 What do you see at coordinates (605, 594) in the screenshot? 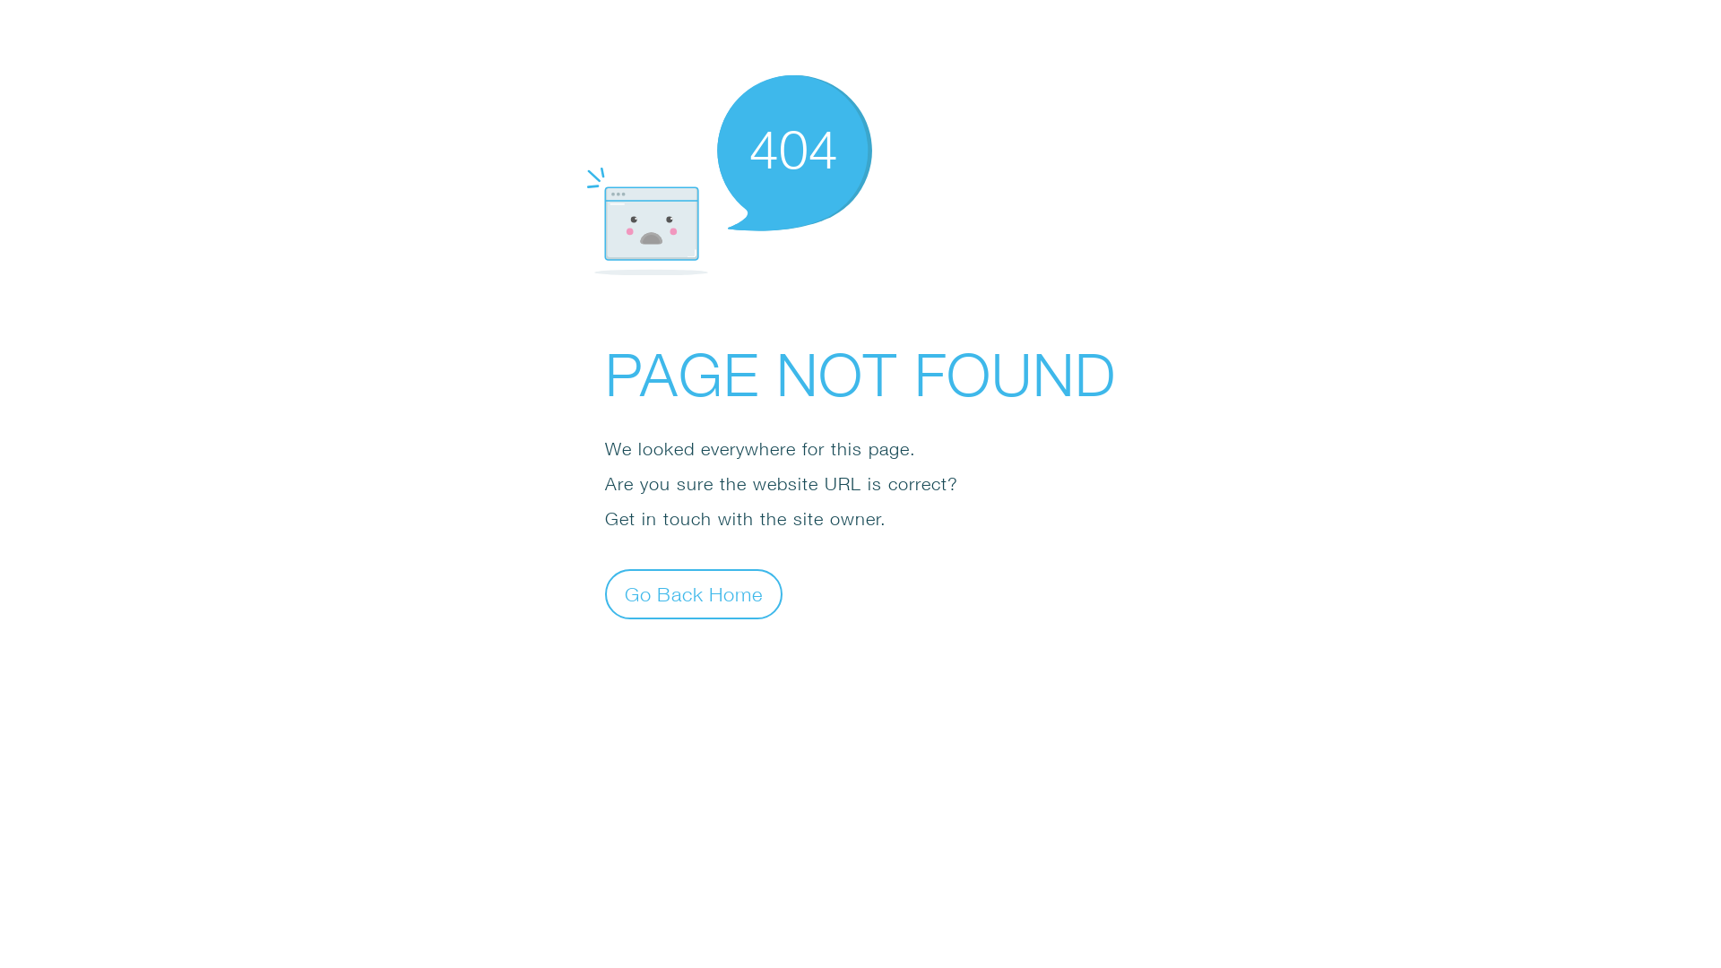
I see `'Go Back Home'` at bounding box center [605, 594].